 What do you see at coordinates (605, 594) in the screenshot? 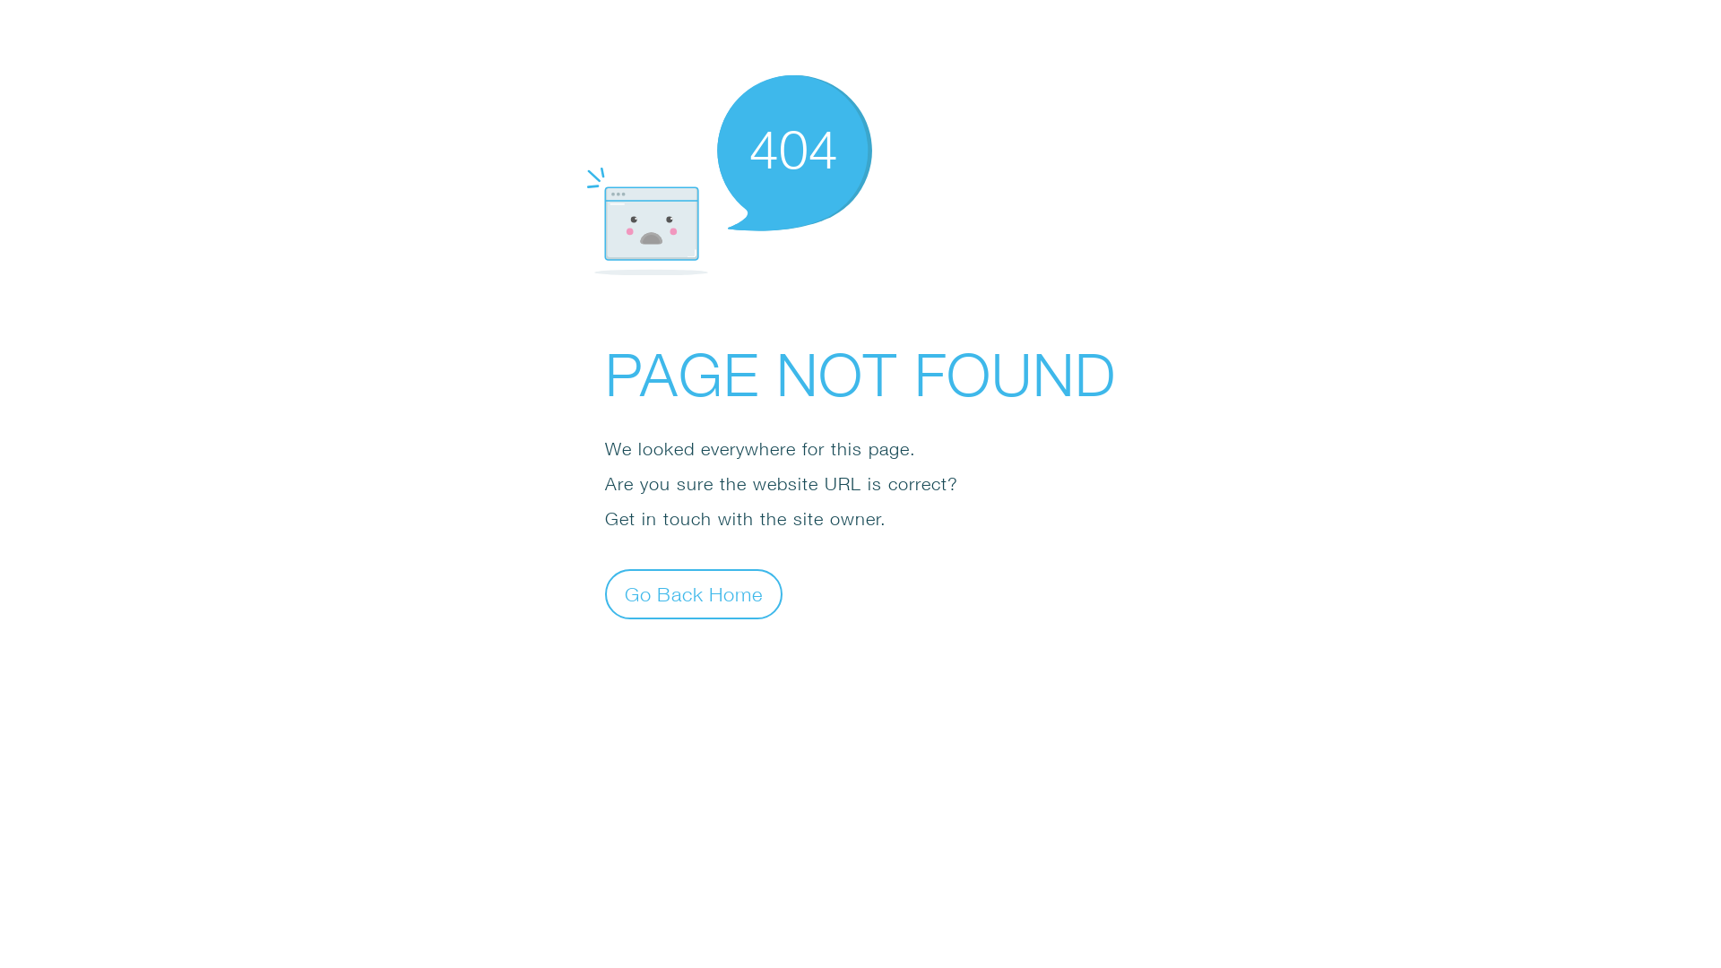
I see `'Go Back Home'` at bounding box center [605, 594].